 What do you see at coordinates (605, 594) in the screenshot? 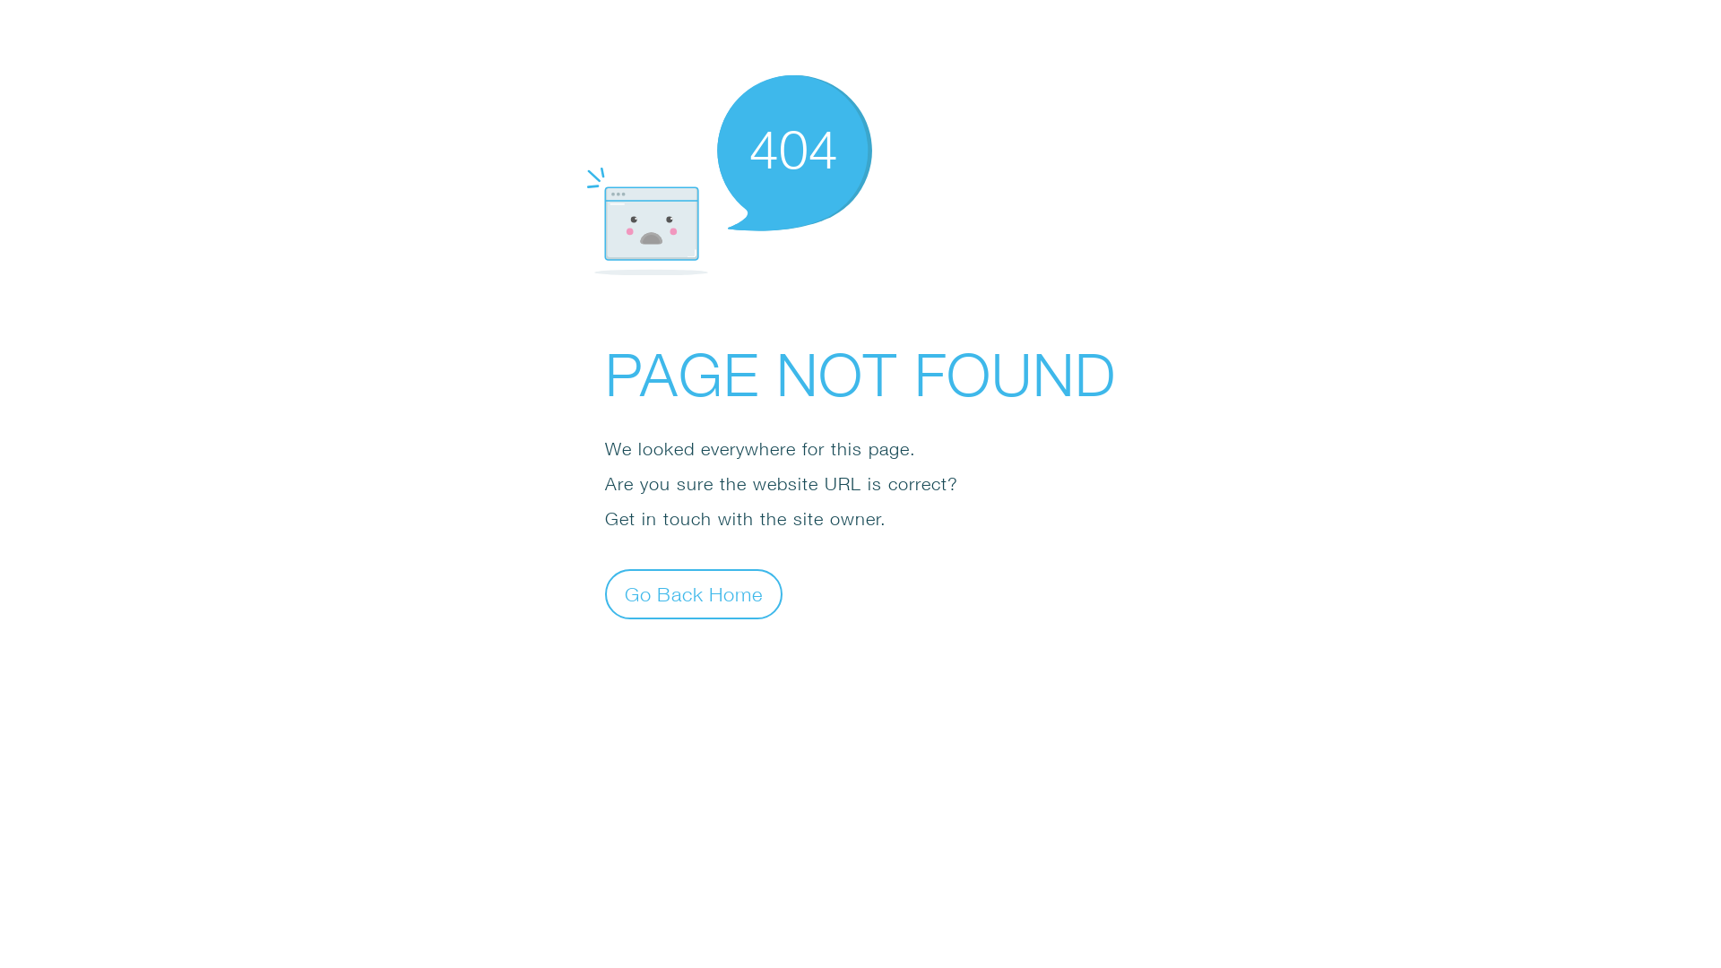
I see `'Go Back Home'` at bounding box center [605, 594].